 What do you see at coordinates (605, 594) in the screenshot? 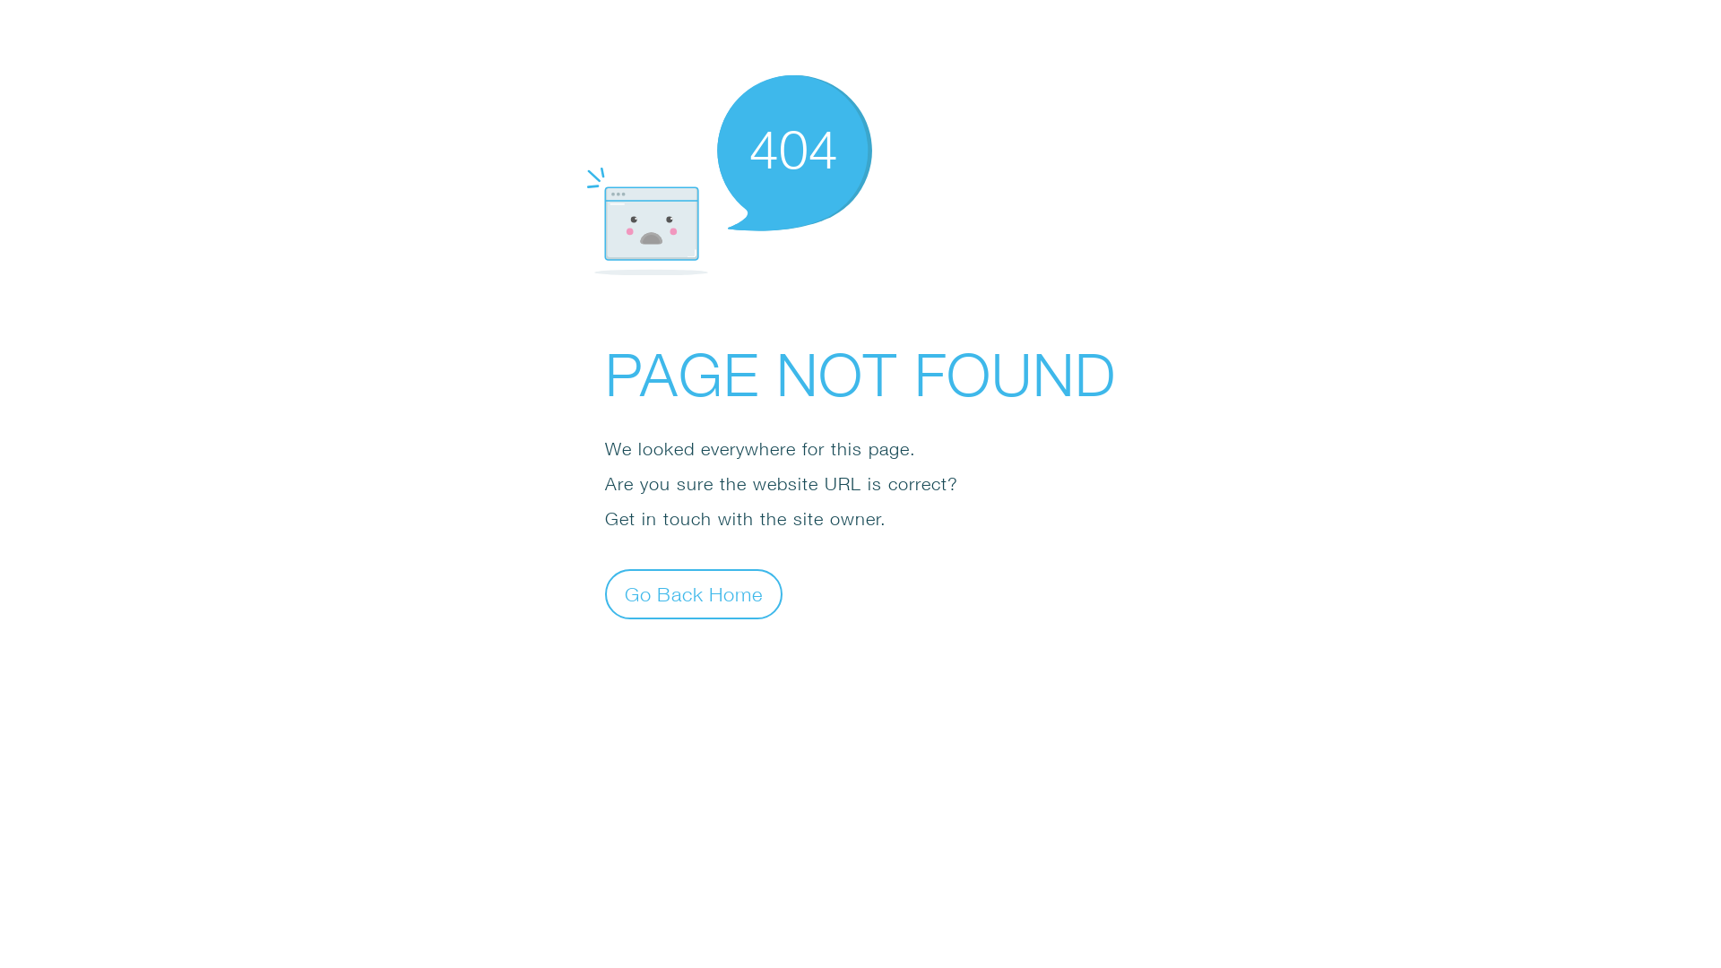
I see `'Go Back Home'` at bounding box center [605, 594].